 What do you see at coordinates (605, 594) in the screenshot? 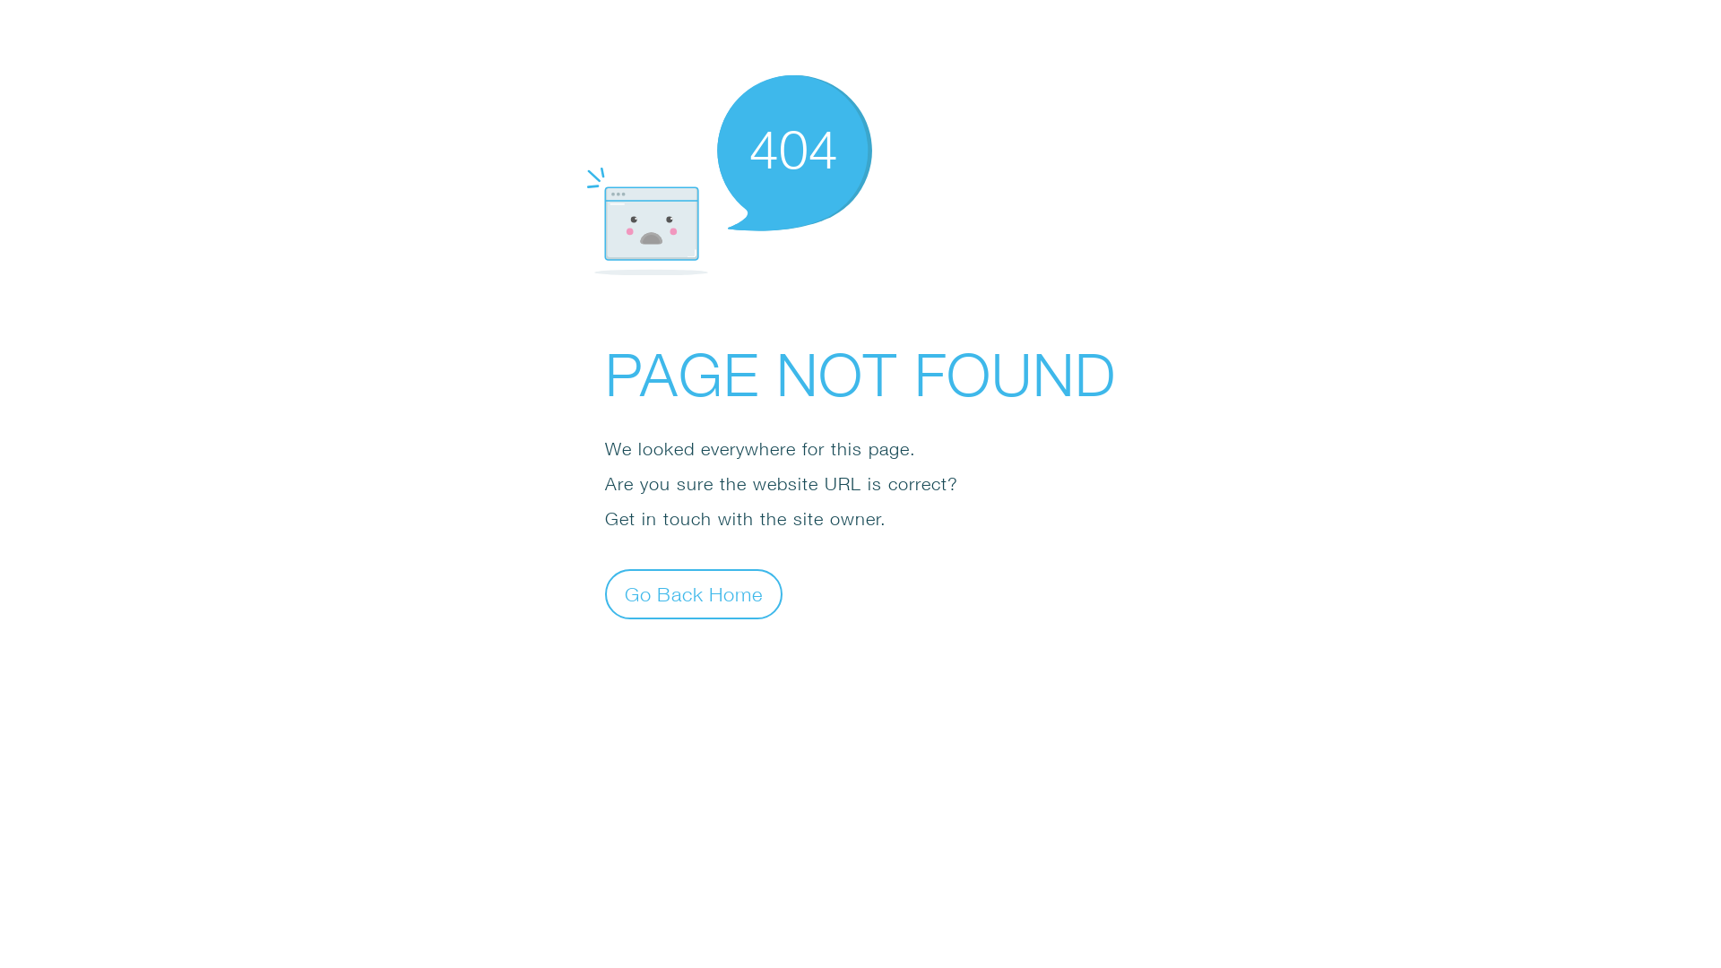
I see `'Go Back Home'` at bounding box center [605, 594].